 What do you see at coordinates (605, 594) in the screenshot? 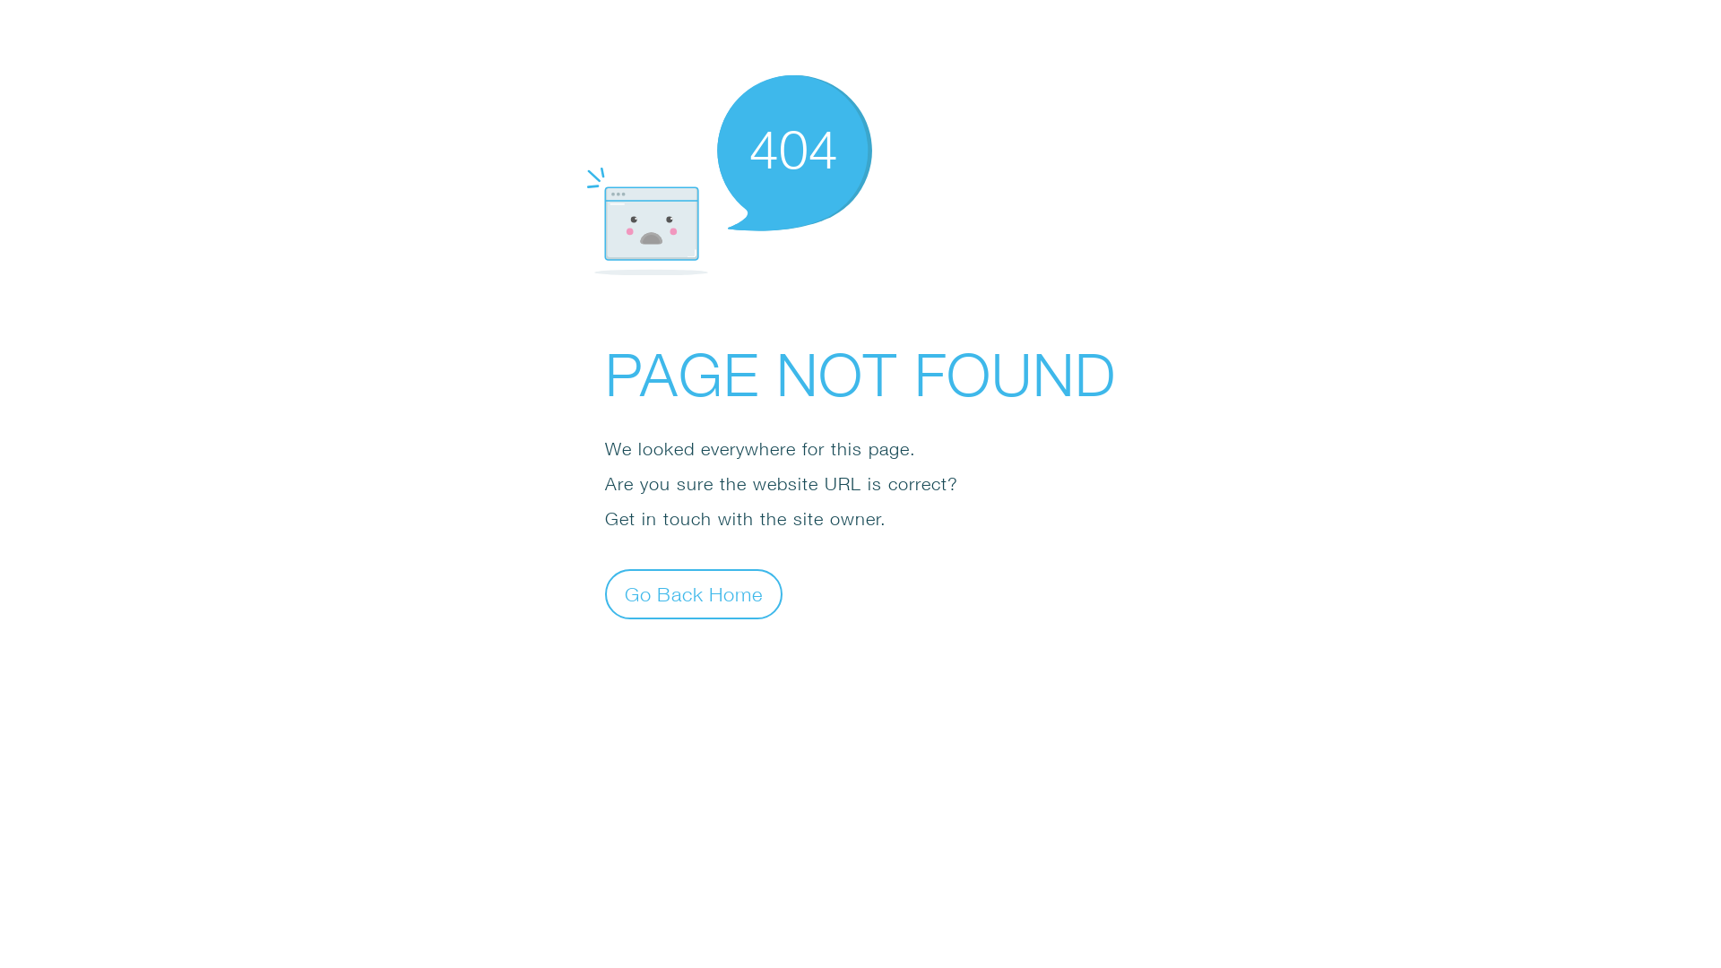
I see `'Go Back Home'` at bounding box center [605, 594].